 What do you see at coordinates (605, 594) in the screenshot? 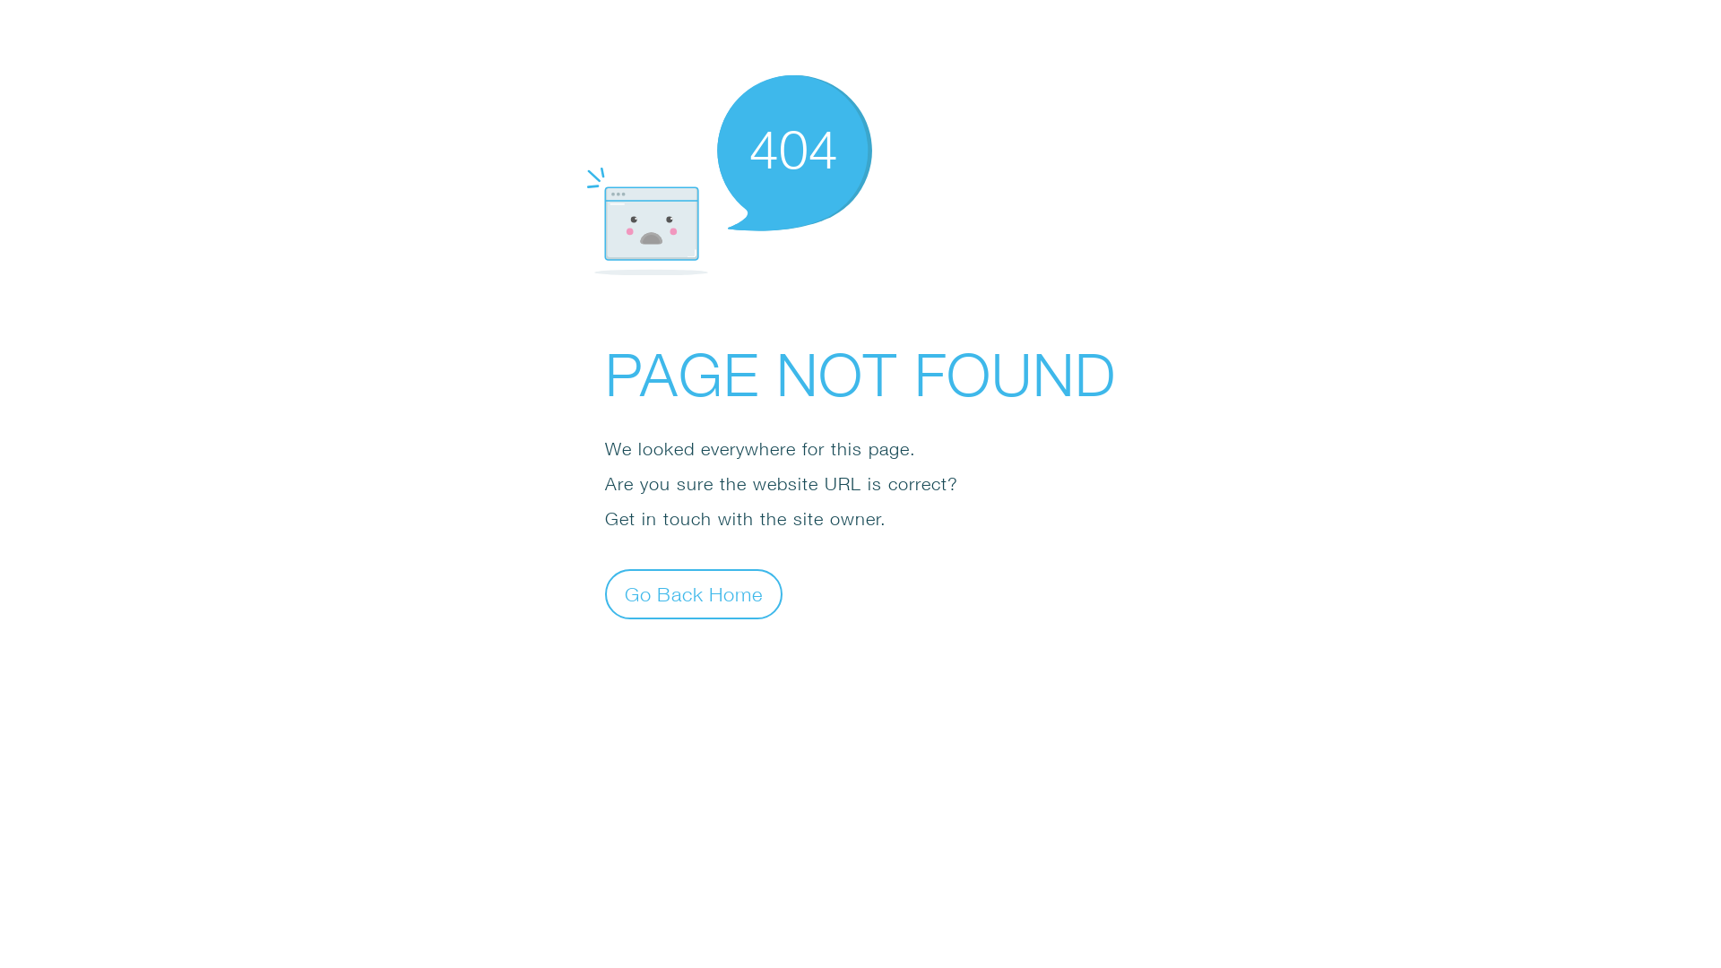
I see `'Go Back Home'` at bounding box center [605, 594].